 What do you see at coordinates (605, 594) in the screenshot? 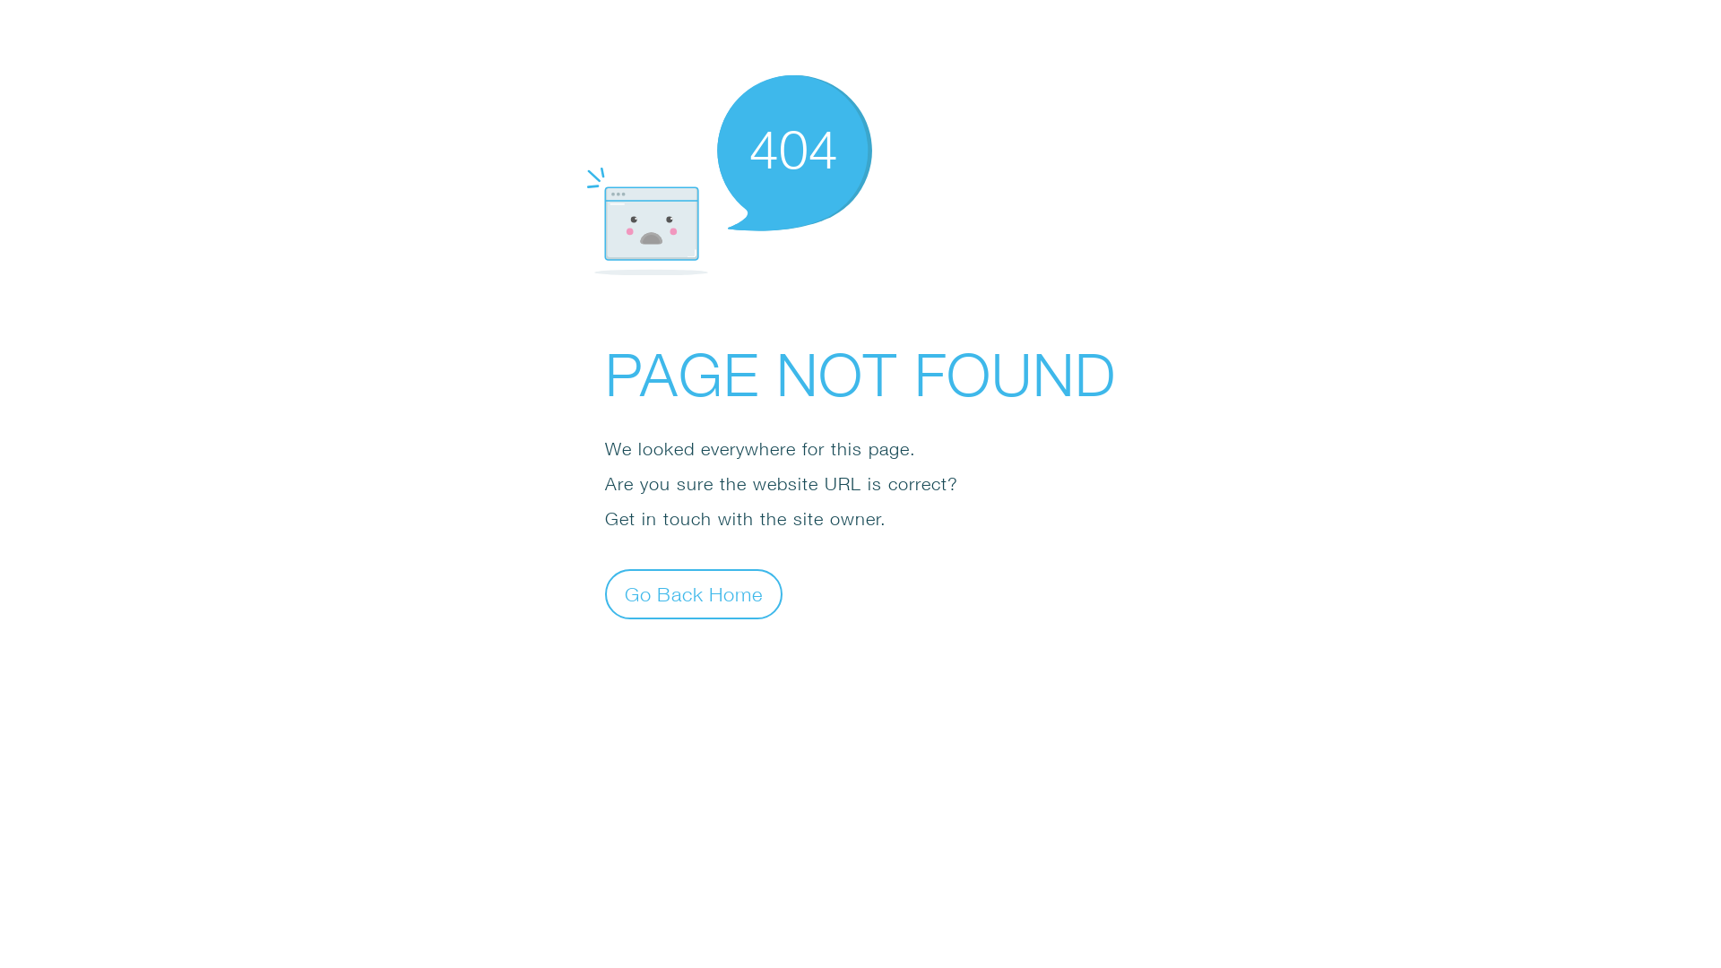
I see `'Go Back Home'` at bounding box center [605, 594].